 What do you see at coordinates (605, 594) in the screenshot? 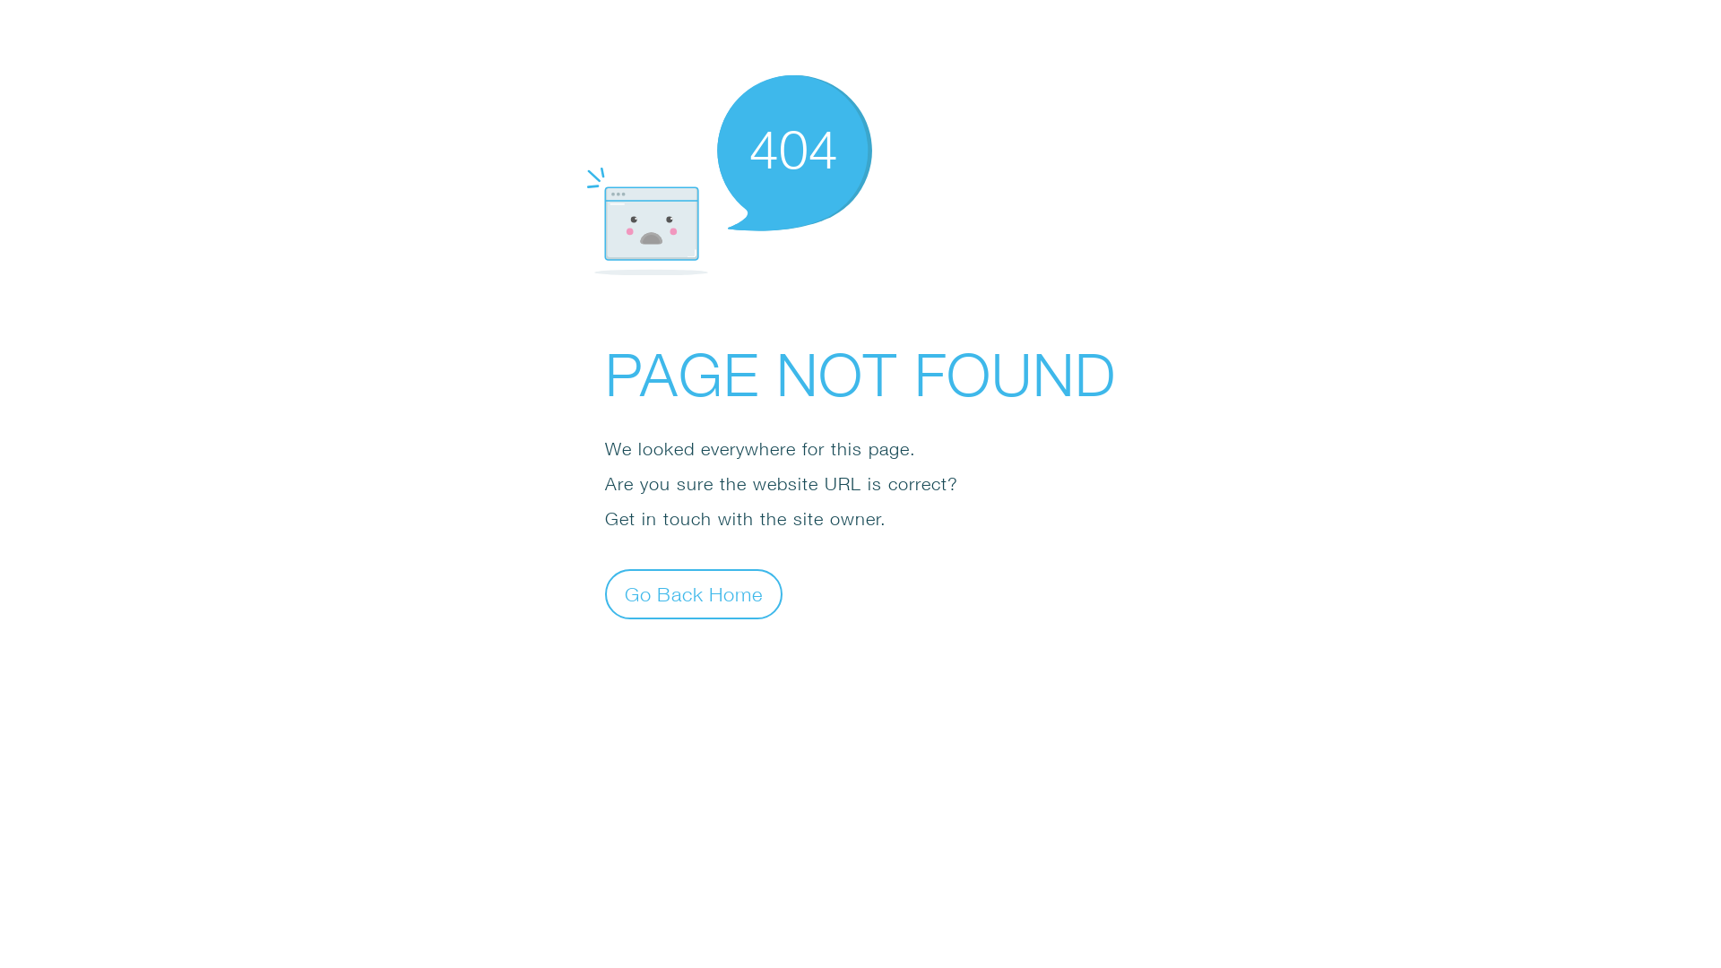
I see `'Go Back Home'` at bounding box center [605, 594].